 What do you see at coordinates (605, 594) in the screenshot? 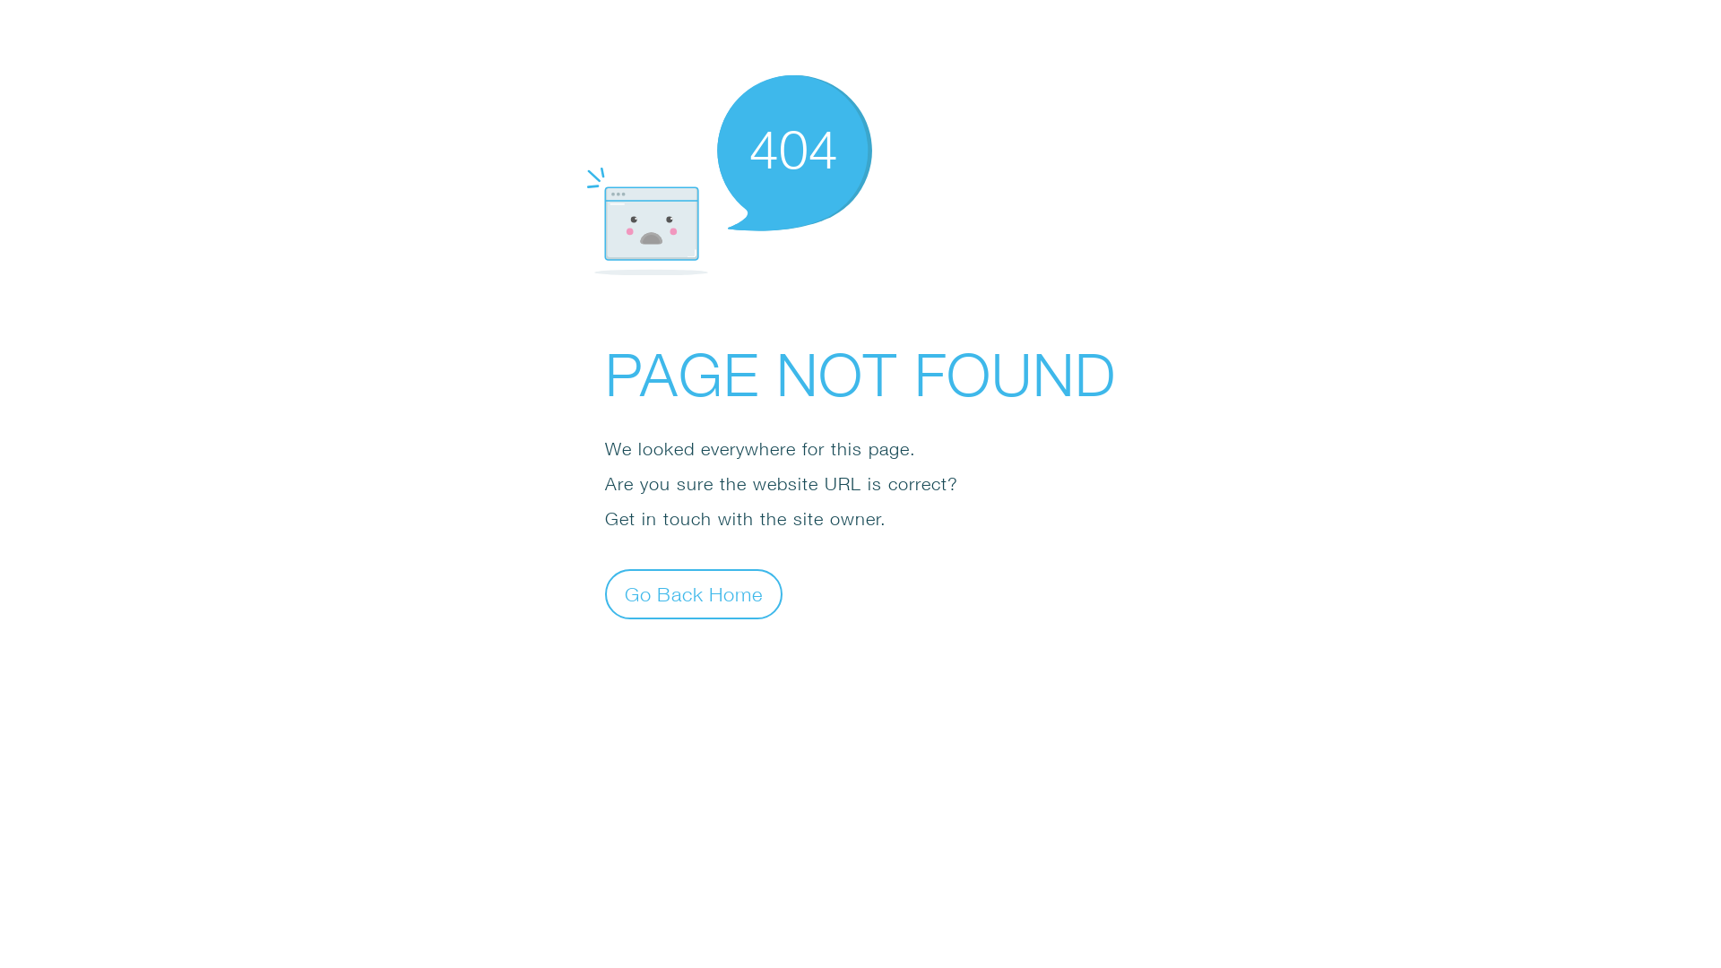
I see `'Go Back Home'` at bounding box center [605, 594].